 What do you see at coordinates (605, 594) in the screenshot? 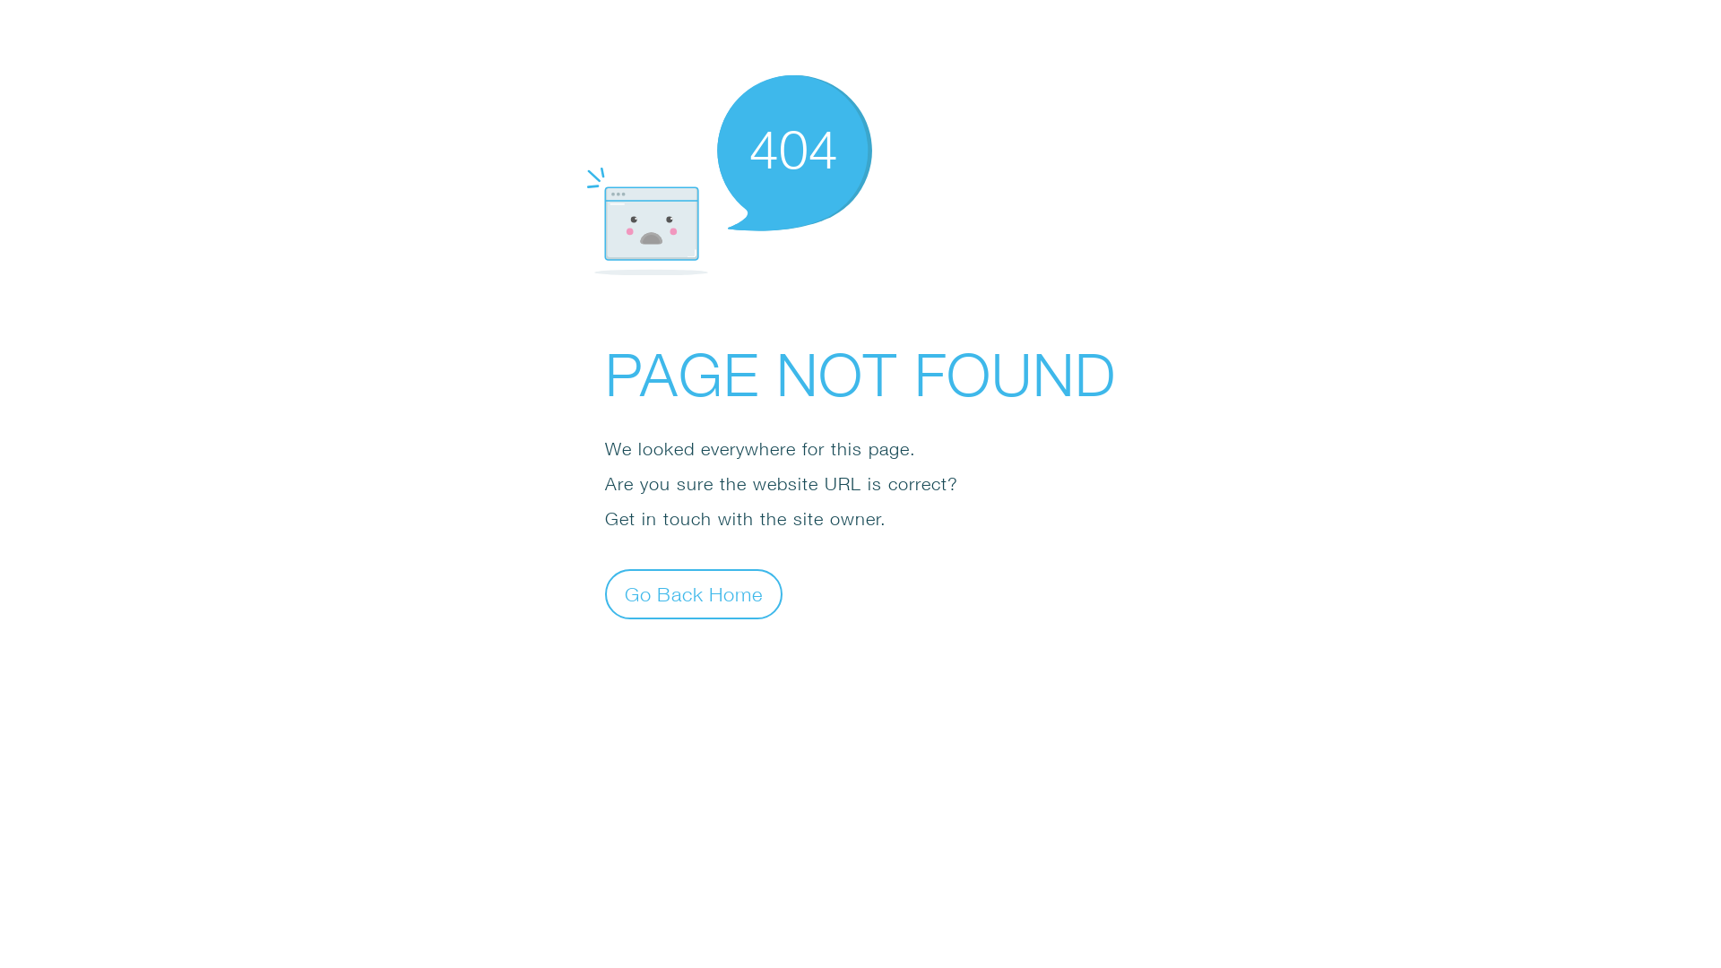
I see `'Go Back Home'` at bounding box center [605, 594].